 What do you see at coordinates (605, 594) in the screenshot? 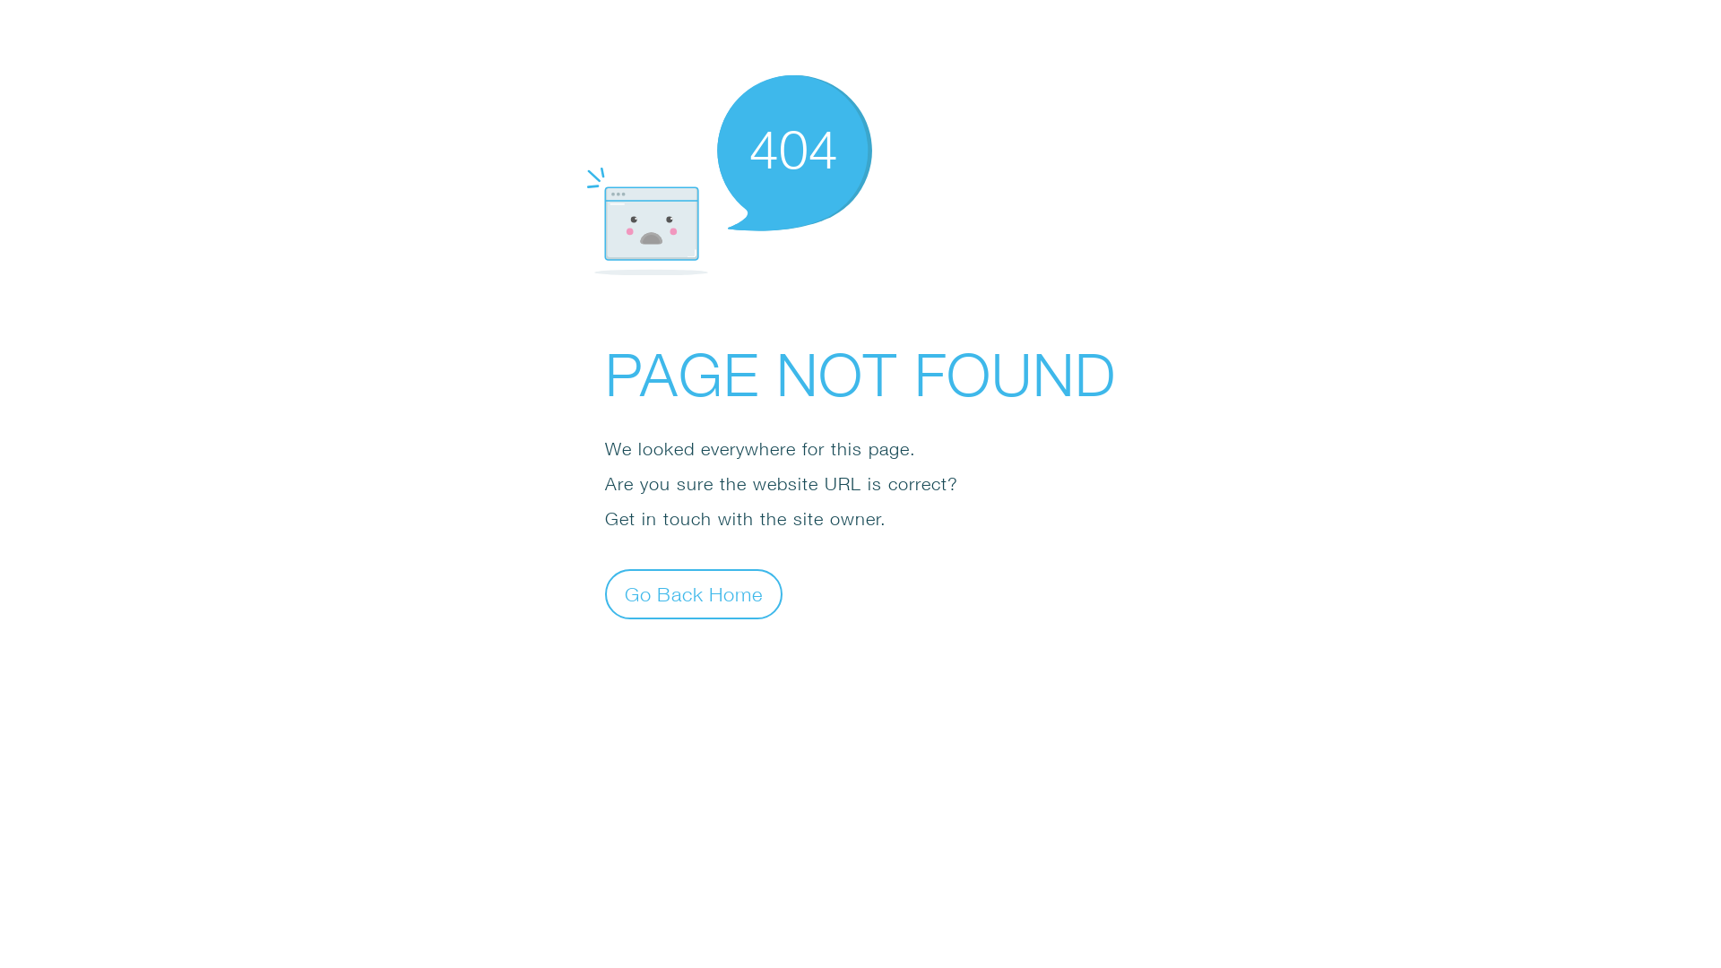
I see `'Go Back Home'` at bounding box center [605, 594].